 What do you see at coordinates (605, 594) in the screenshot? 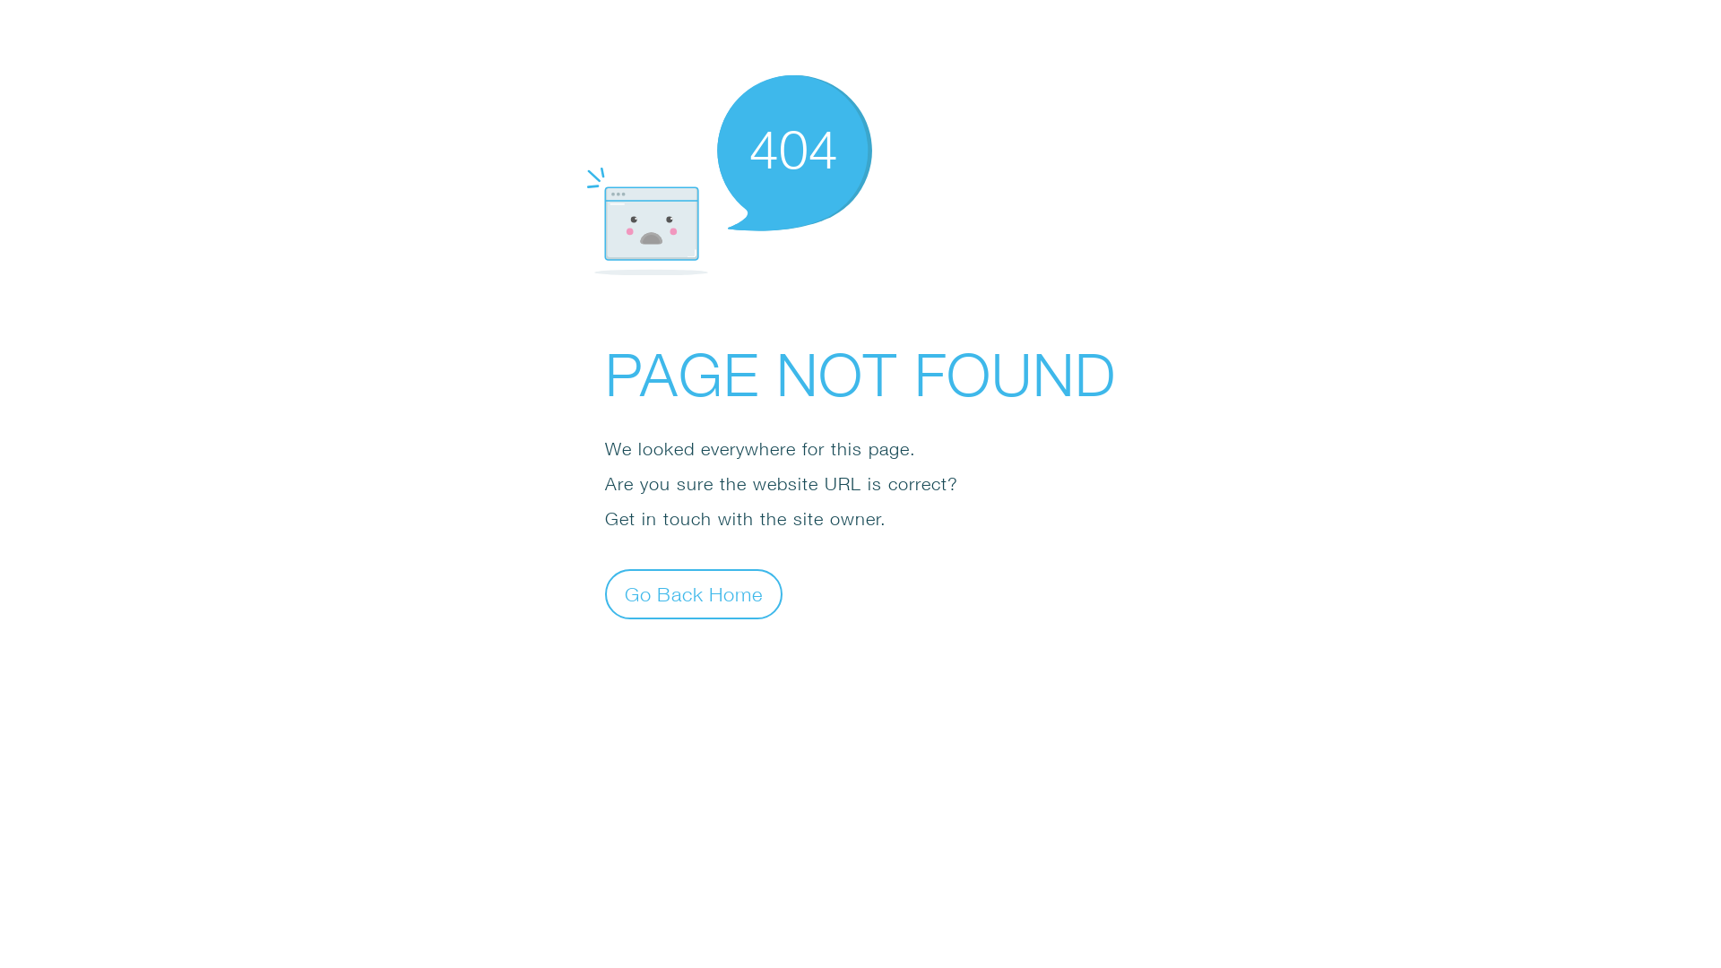
I see `'Go Back Home'` at bounding box center [605, 594].